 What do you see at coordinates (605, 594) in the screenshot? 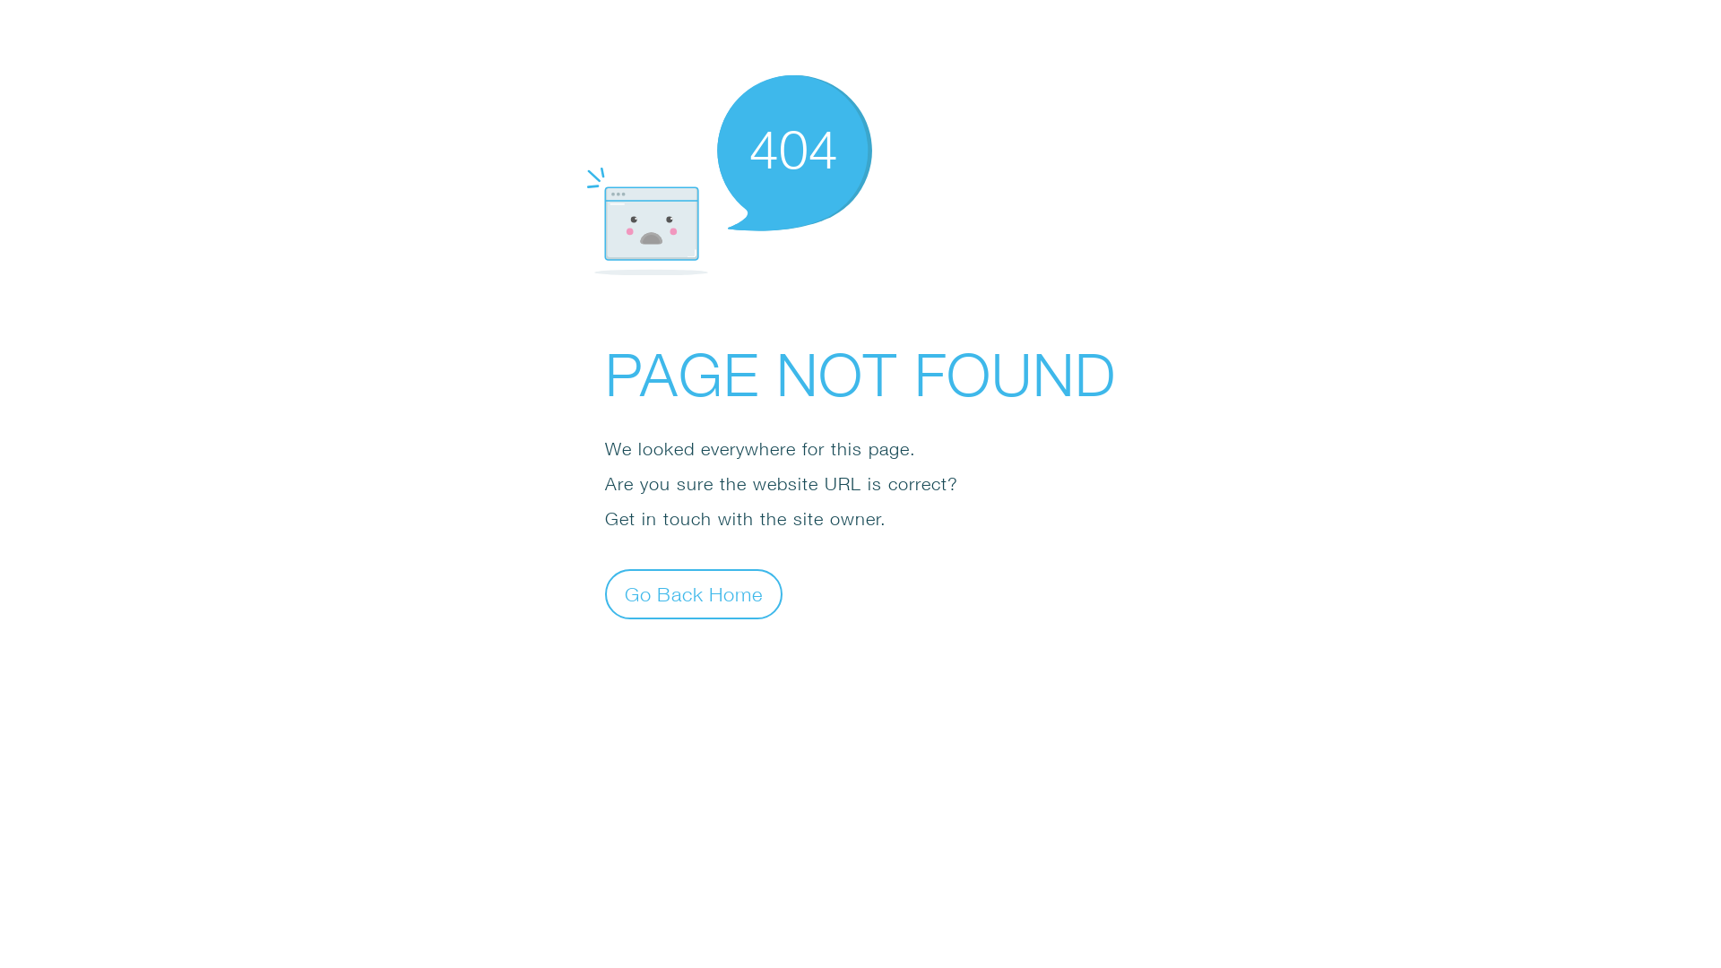
I see `'Go Back Home'` at bounding box center [605, 594].